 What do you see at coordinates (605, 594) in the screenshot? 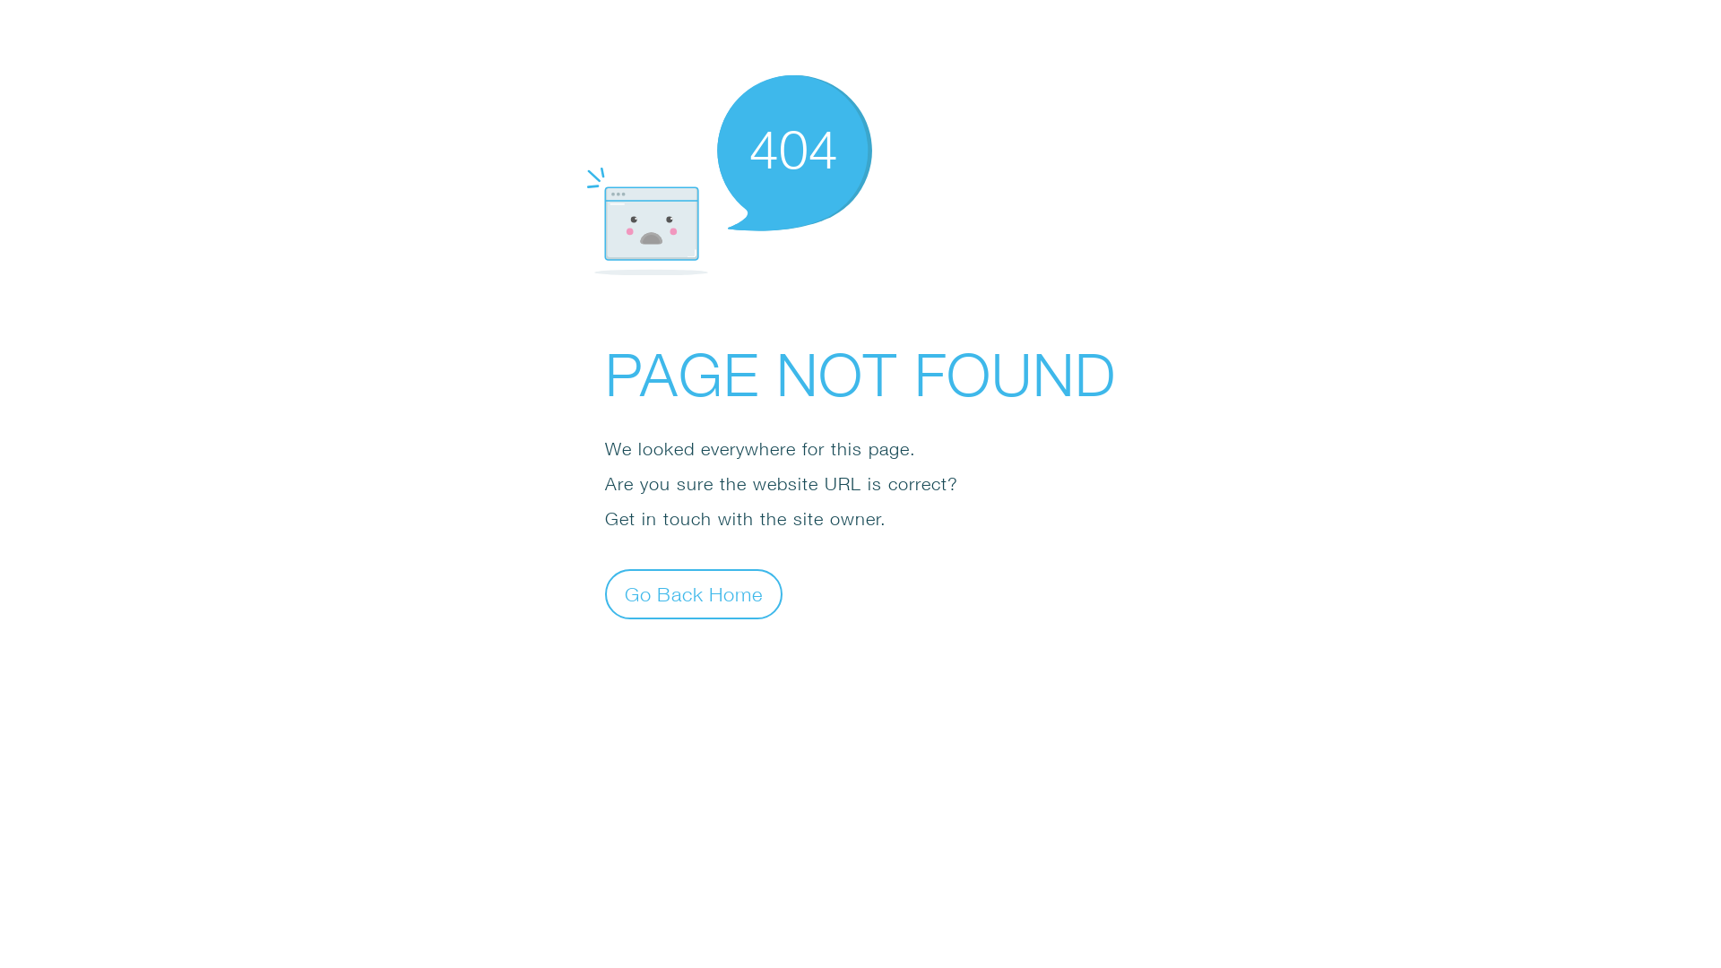
I see `'Go Back Home'` at bounding box center [605, 594].